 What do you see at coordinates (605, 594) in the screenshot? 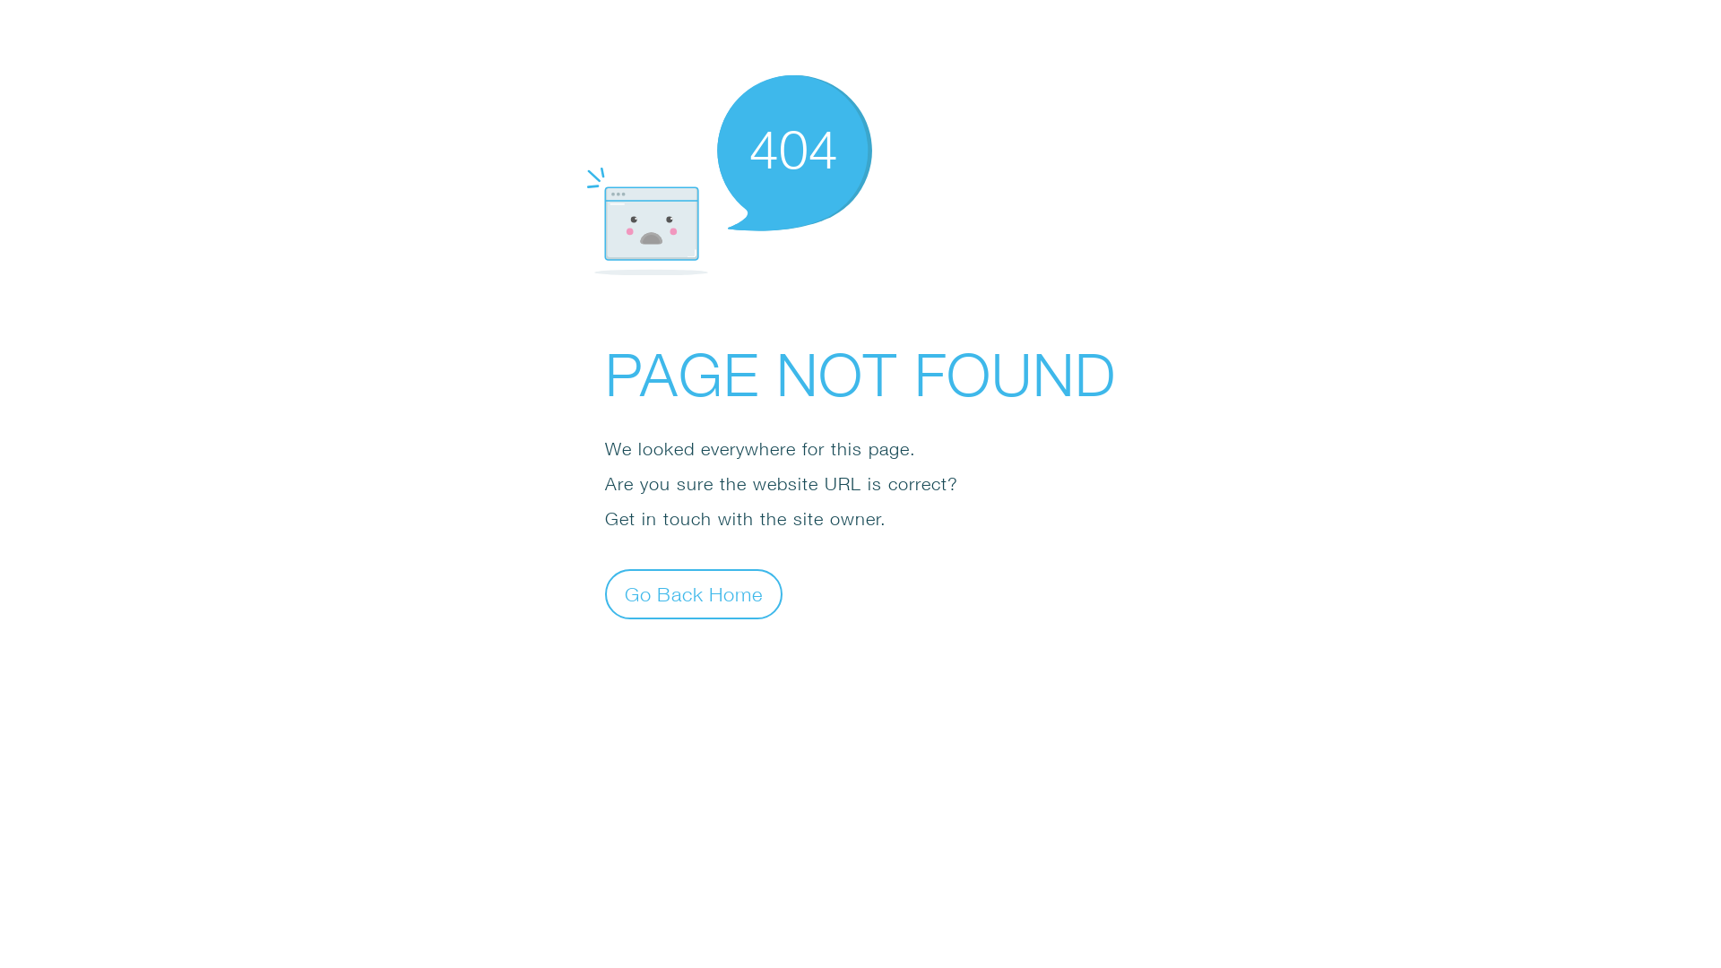
I see `'Go Back Home'` at bounding box center [605, 594].